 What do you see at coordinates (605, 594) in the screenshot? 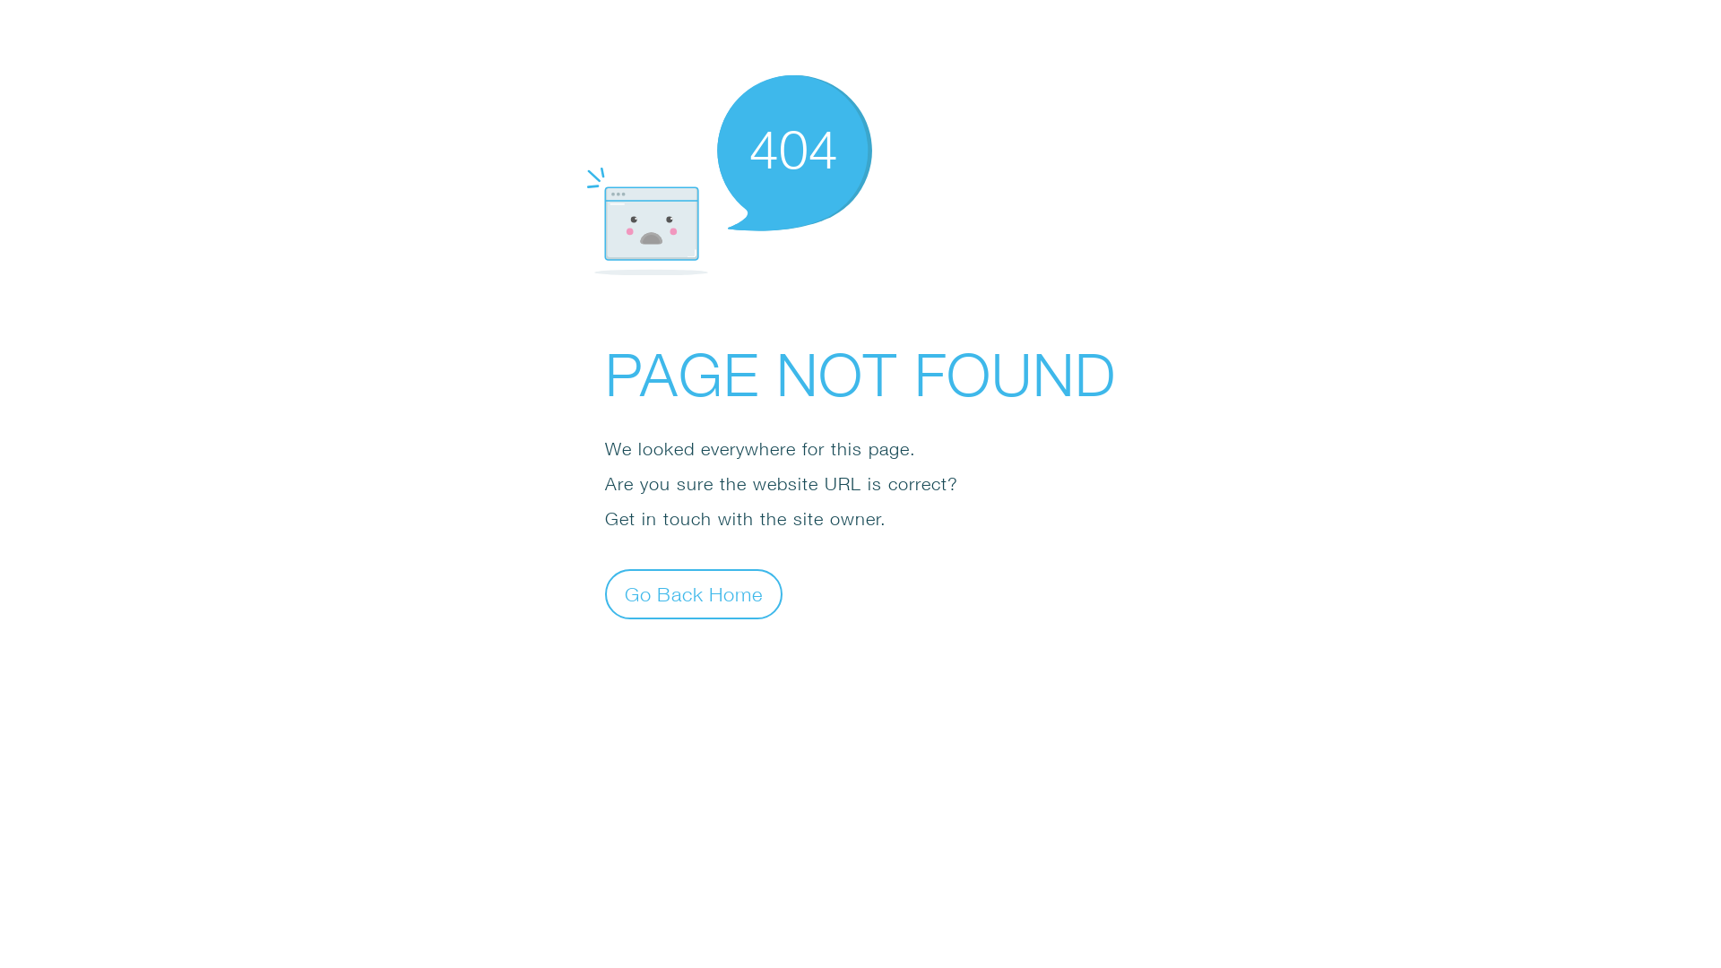
I see `'Go Back Home'` at bounding box center [605, 594].